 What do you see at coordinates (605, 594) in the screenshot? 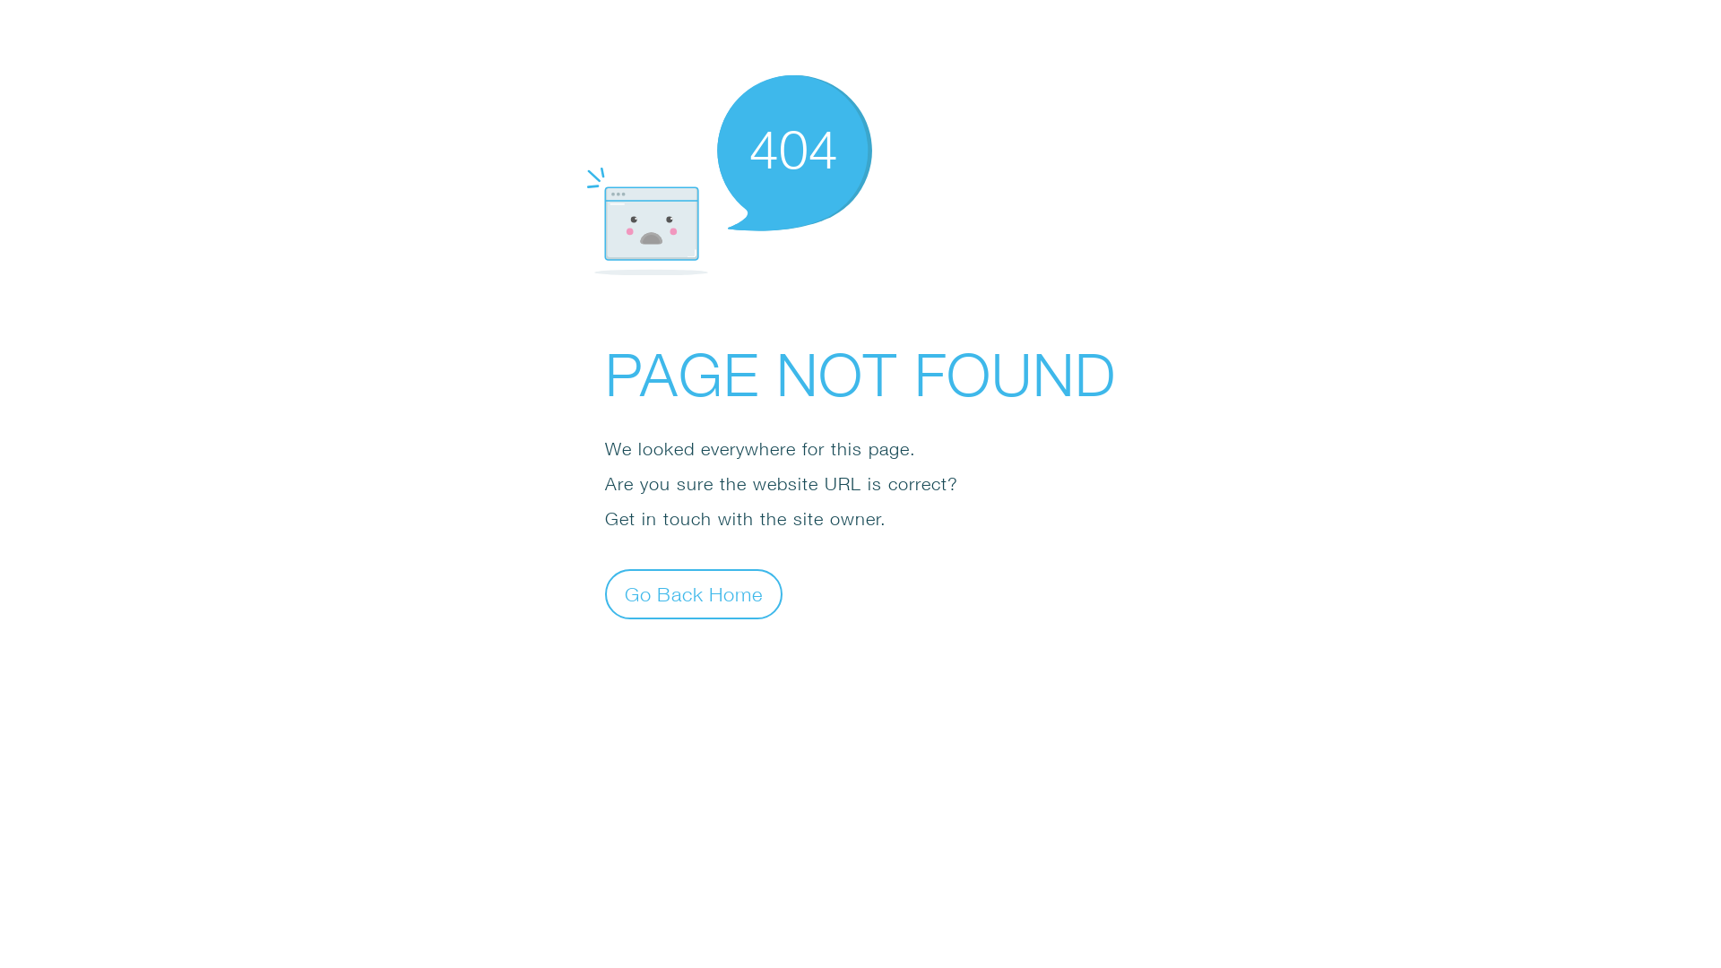
I see `'Go Back Home'` at bounding box center [605, 594].